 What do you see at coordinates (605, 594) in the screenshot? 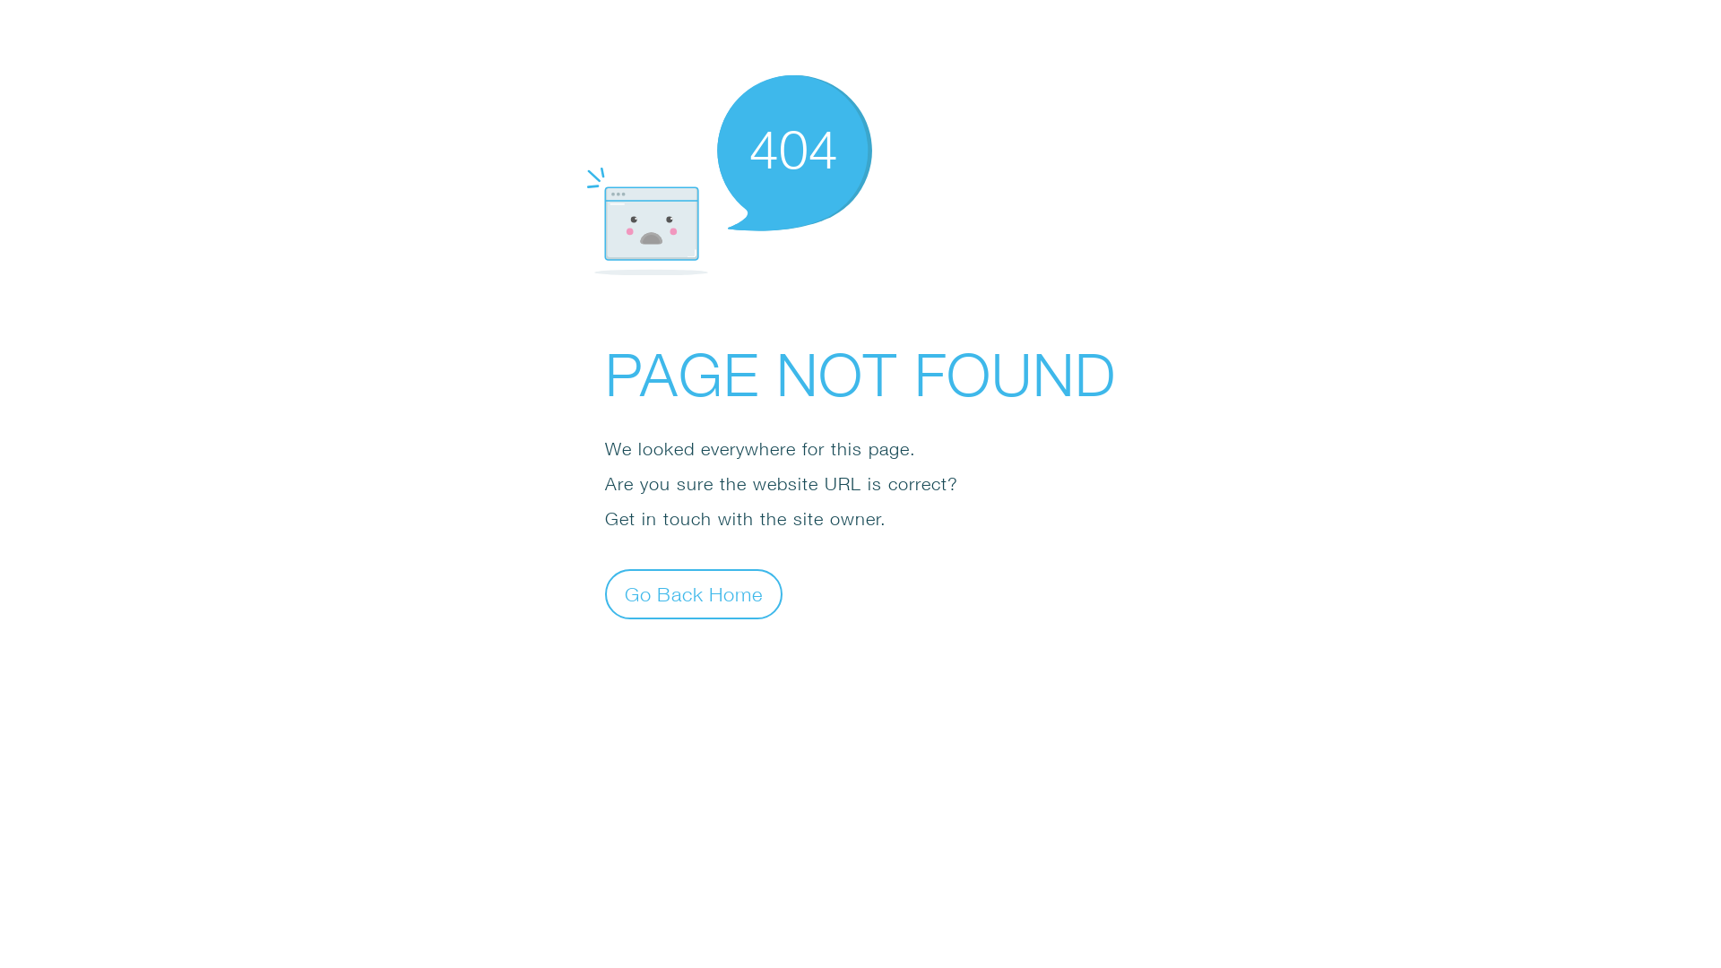
I see `'Go Back Home'` at bounding box center [605, 594].